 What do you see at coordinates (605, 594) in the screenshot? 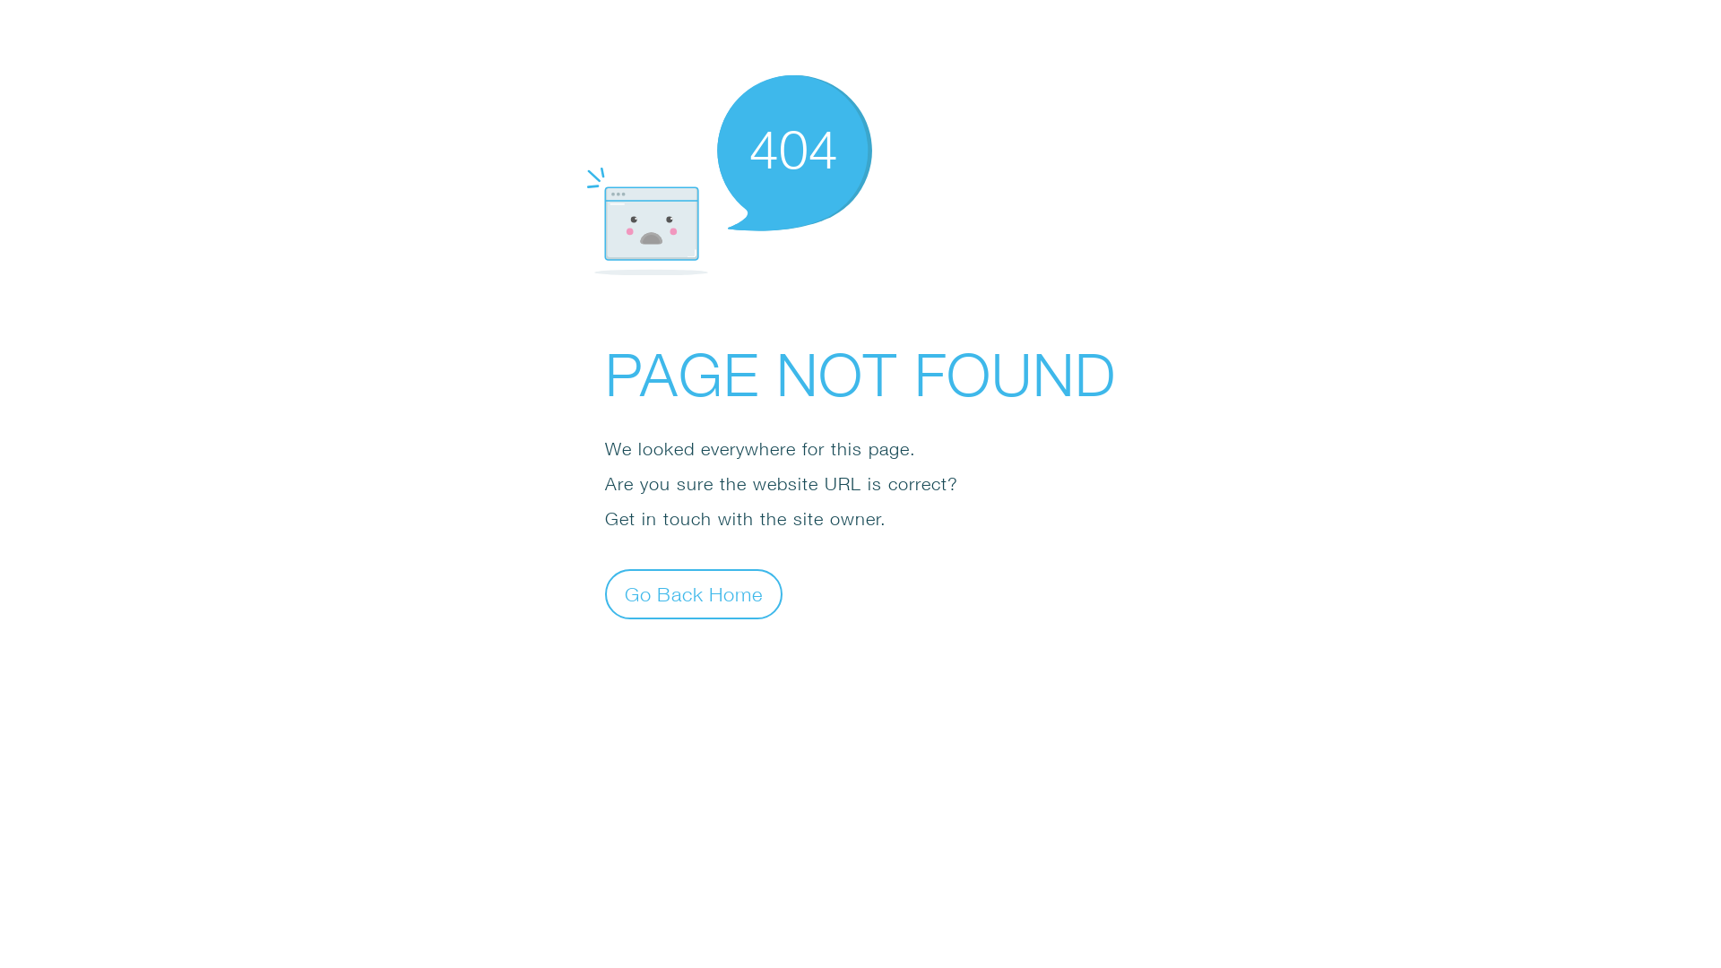
I see `'Go Back Home'` at bounding box center [605, 594].